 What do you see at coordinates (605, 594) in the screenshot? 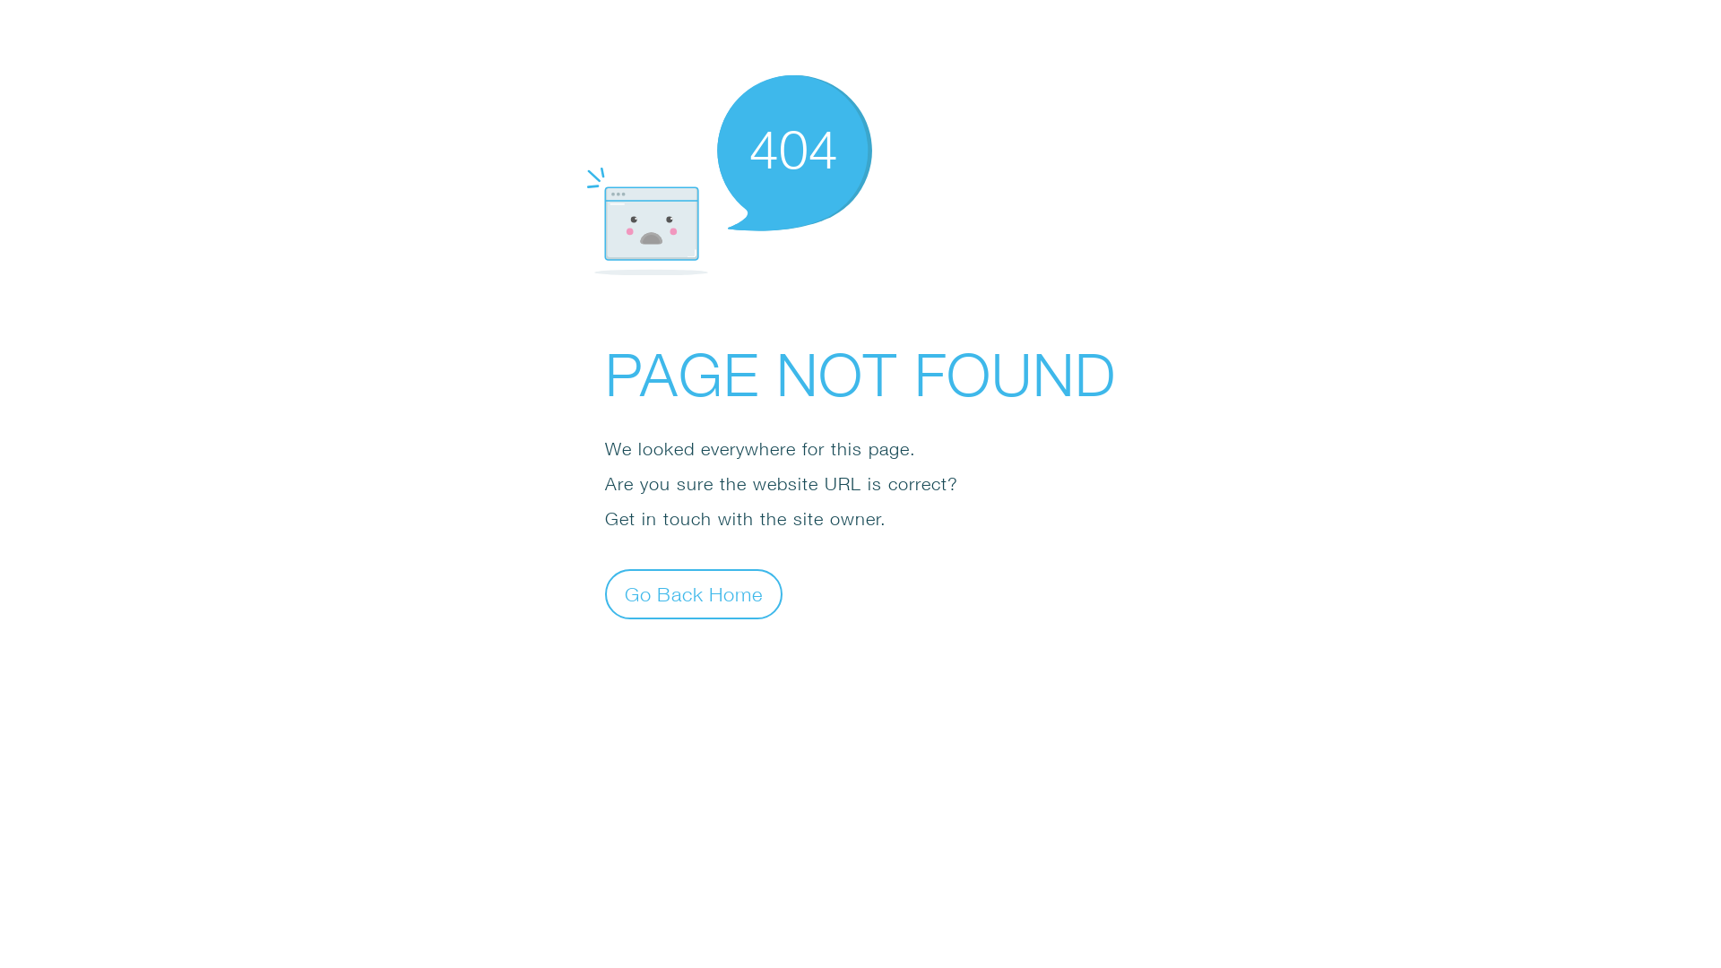
I see `'Go Back Home'` at bounding box center [605, 594].